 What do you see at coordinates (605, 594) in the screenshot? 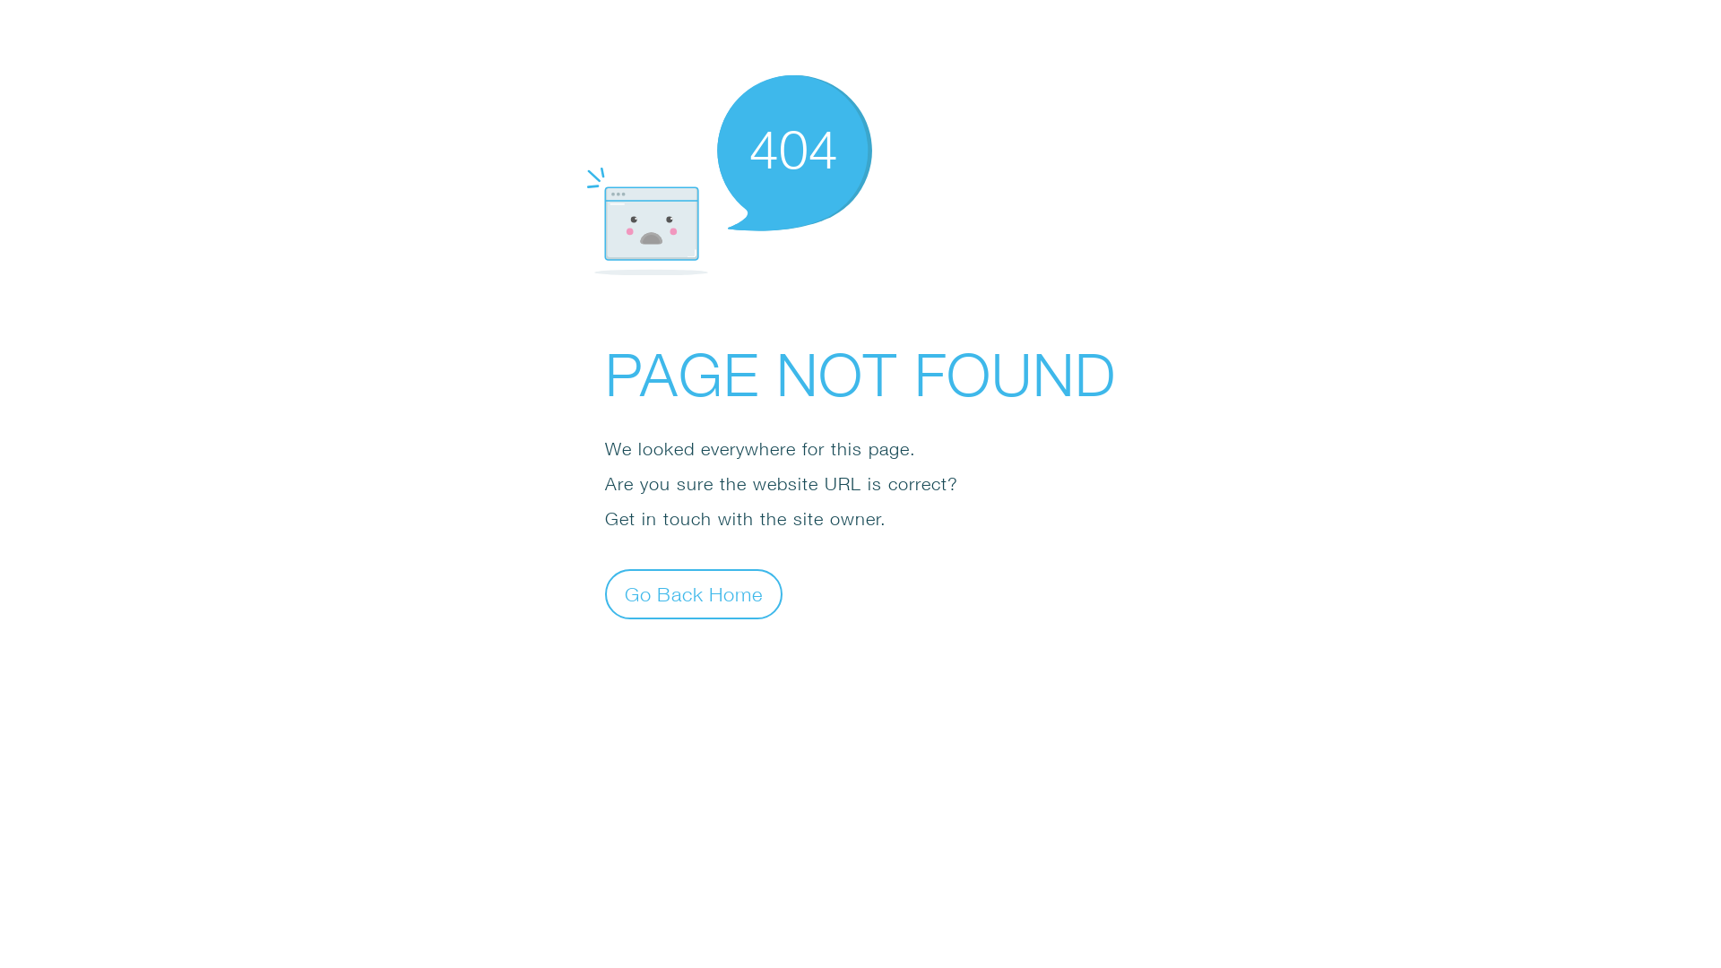
I see `'Go Back Home'` at bounding box center [605, 594].